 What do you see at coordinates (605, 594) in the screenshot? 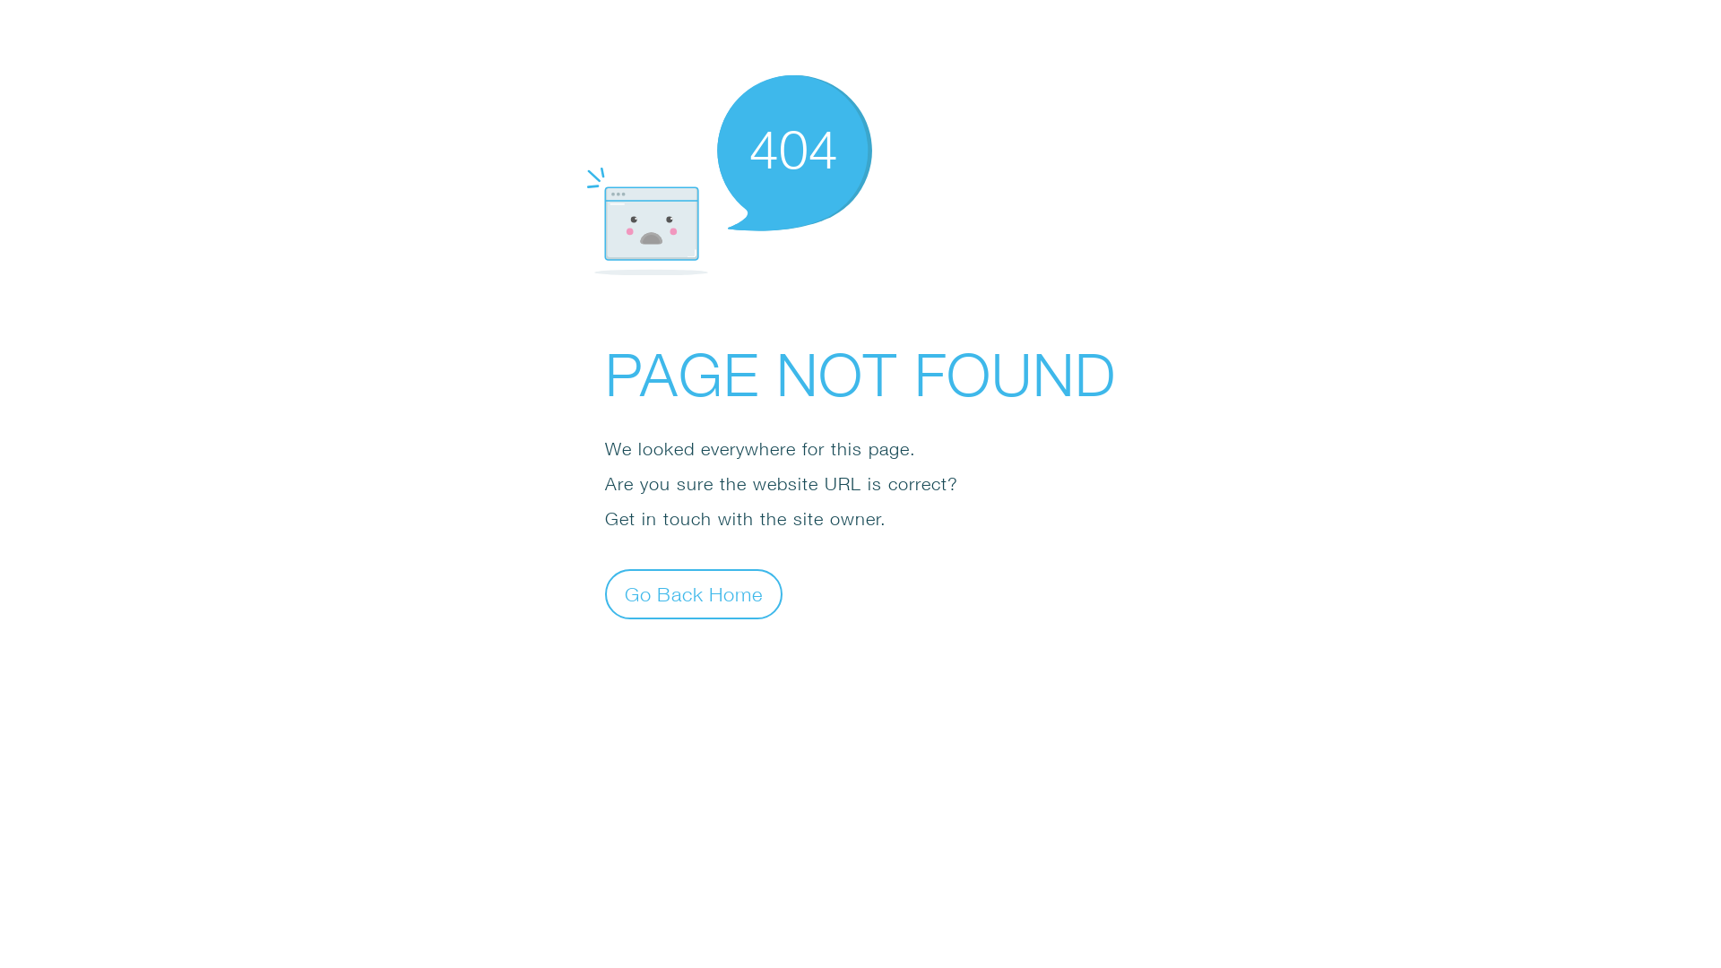
I see `'Go Back Home'` at bounding box center [605, 594].